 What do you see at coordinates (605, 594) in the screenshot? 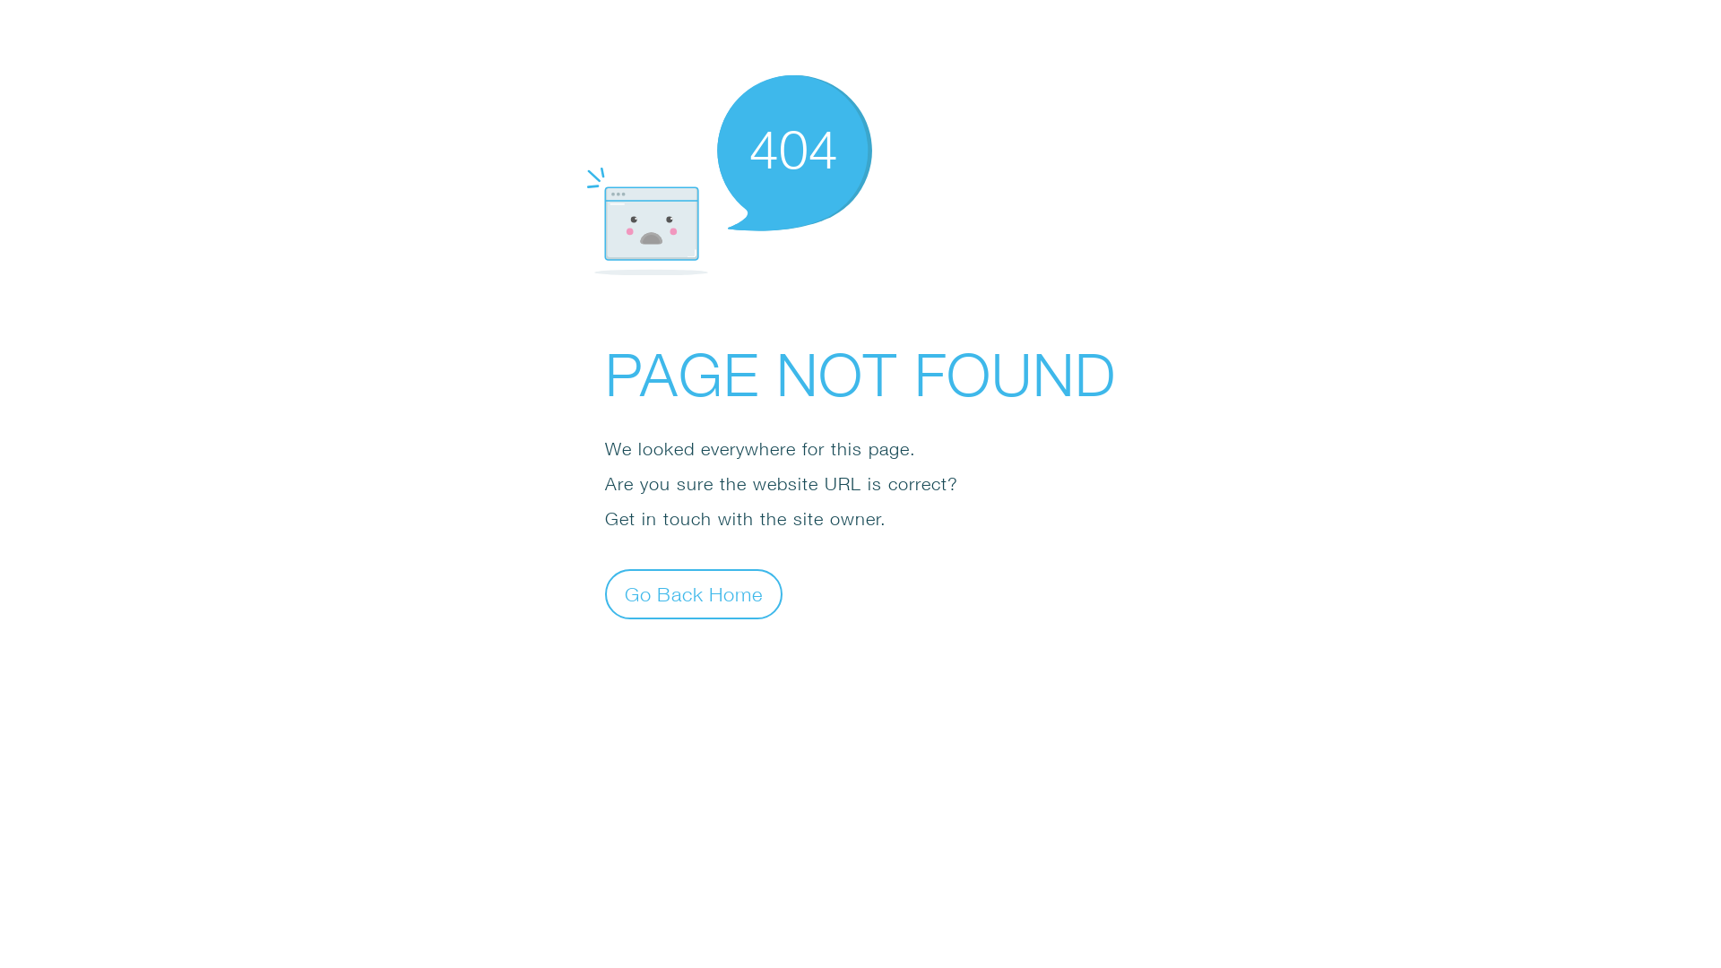
I see `'Go Back Home'` at bounding box center [605, 594].